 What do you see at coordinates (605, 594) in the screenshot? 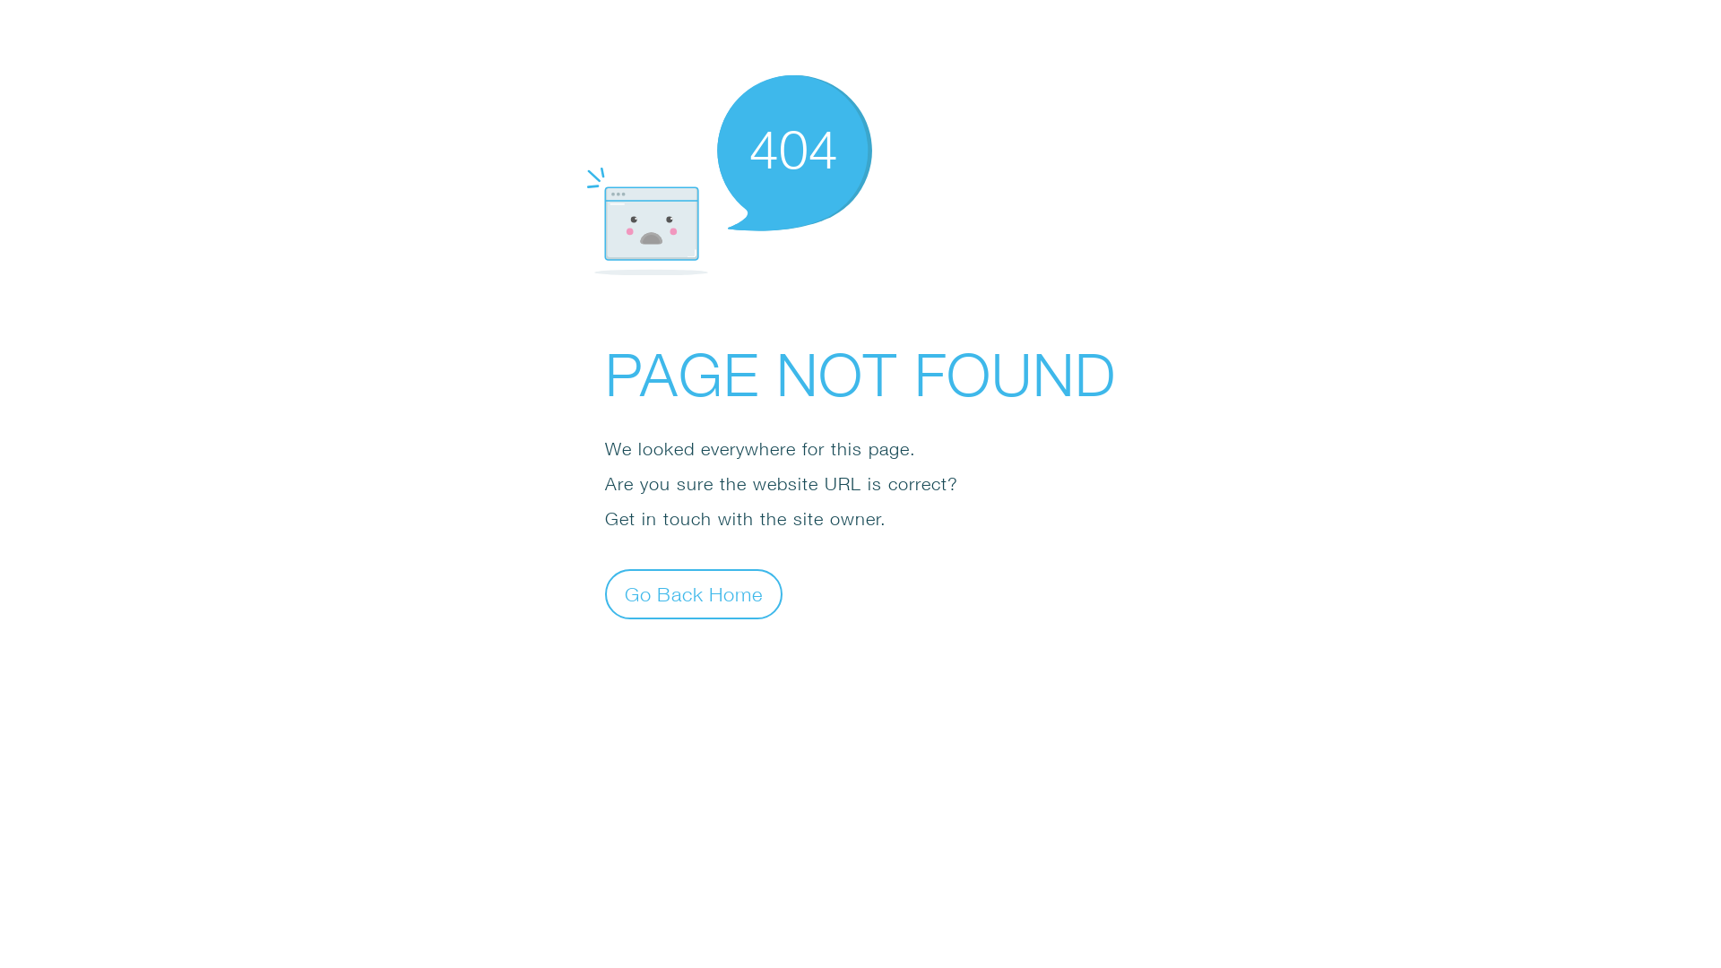
I see `'Go Back Home'` at bounding box center [605, 594].